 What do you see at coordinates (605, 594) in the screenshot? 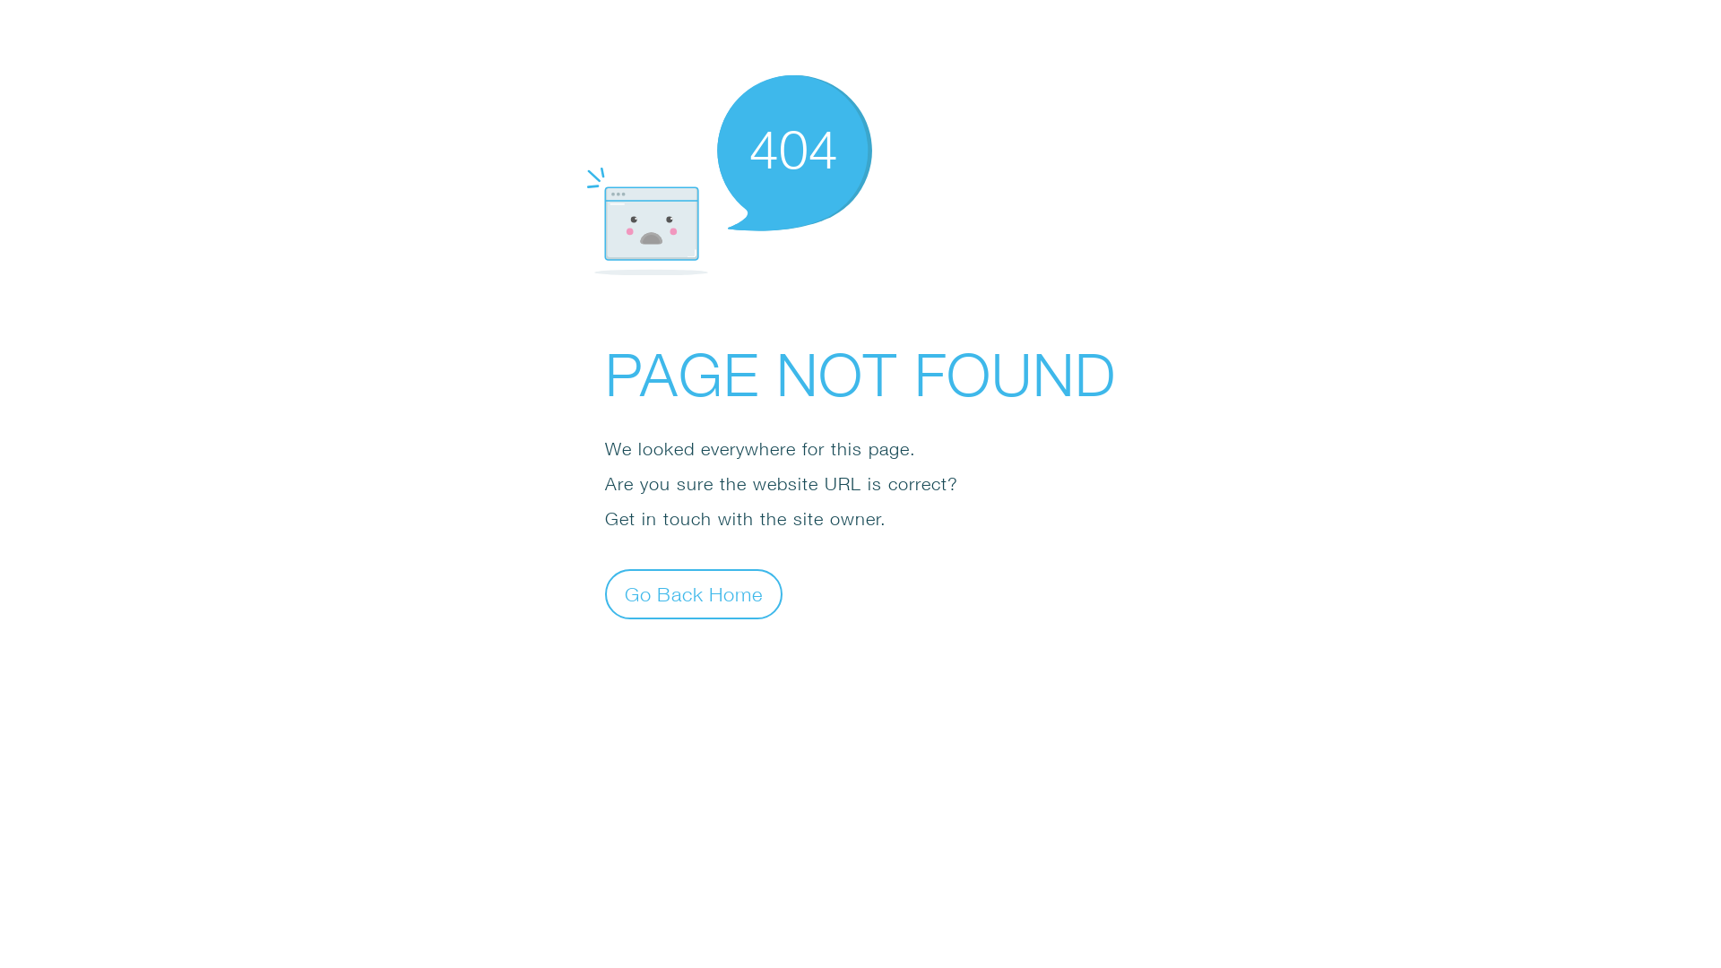
I see `'Go Back Home'` at bounding box center [605, 594].